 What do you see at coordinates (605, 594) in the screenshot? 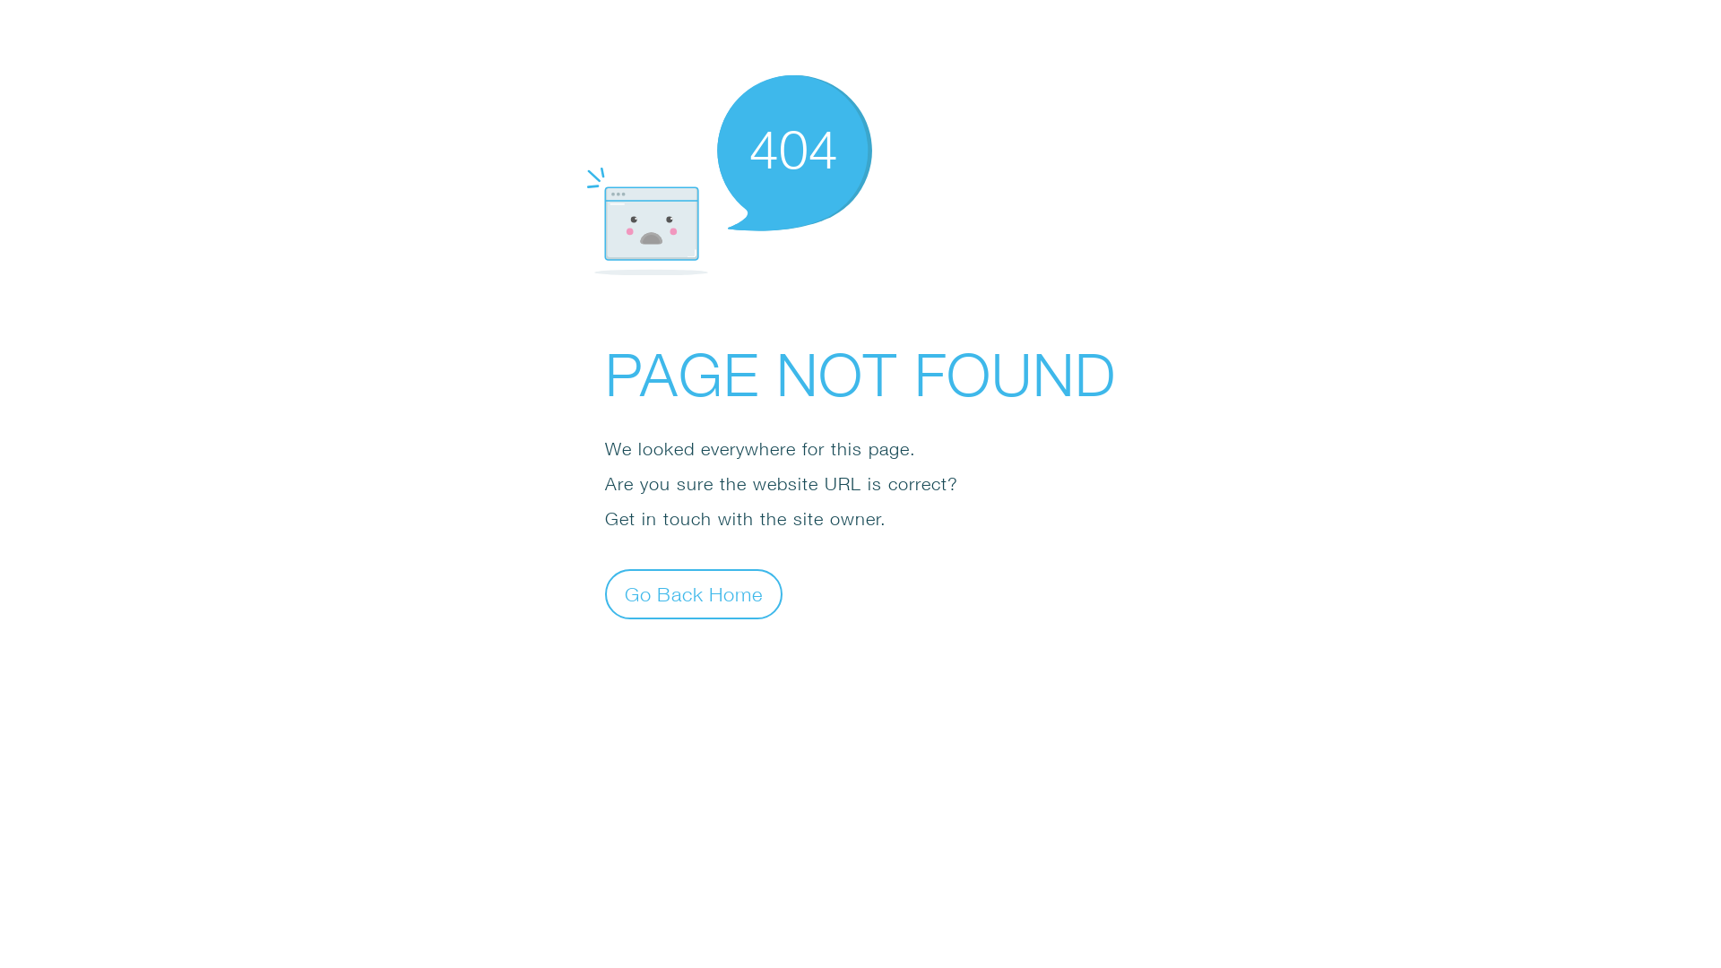
I see `'Go Back Home'` at bounding box center [605, 594].